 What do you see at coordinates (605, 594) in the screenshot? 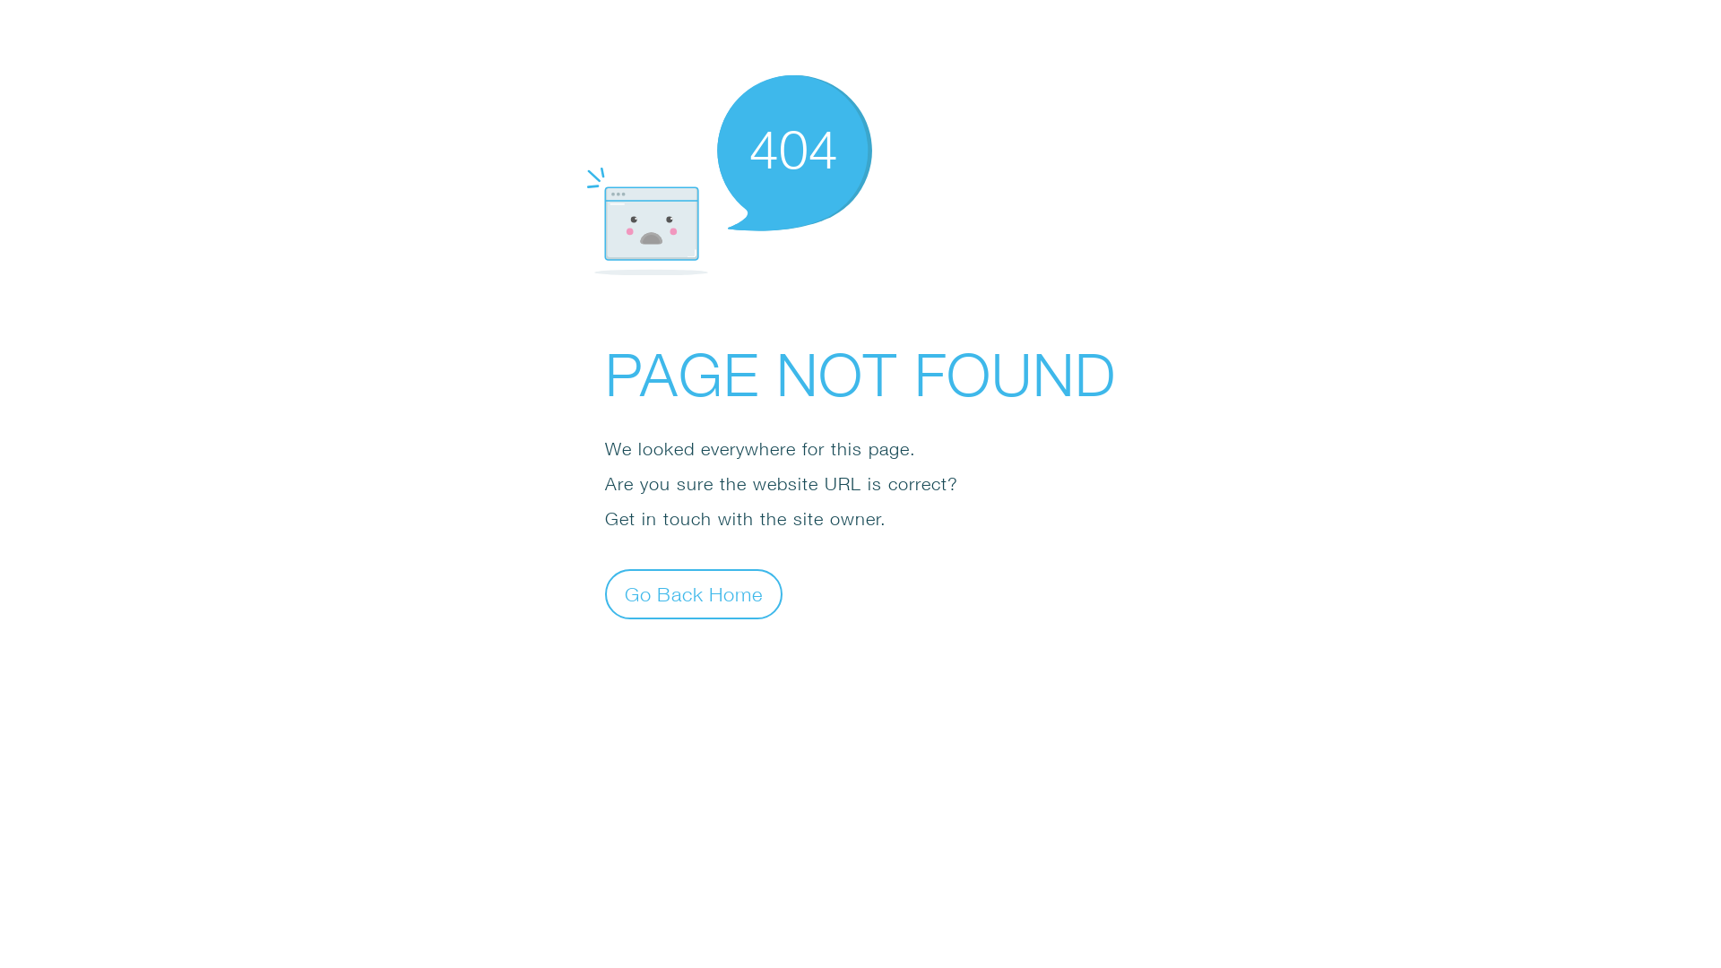
I see `'Go Back Home'` at bounding box center [605, 594].